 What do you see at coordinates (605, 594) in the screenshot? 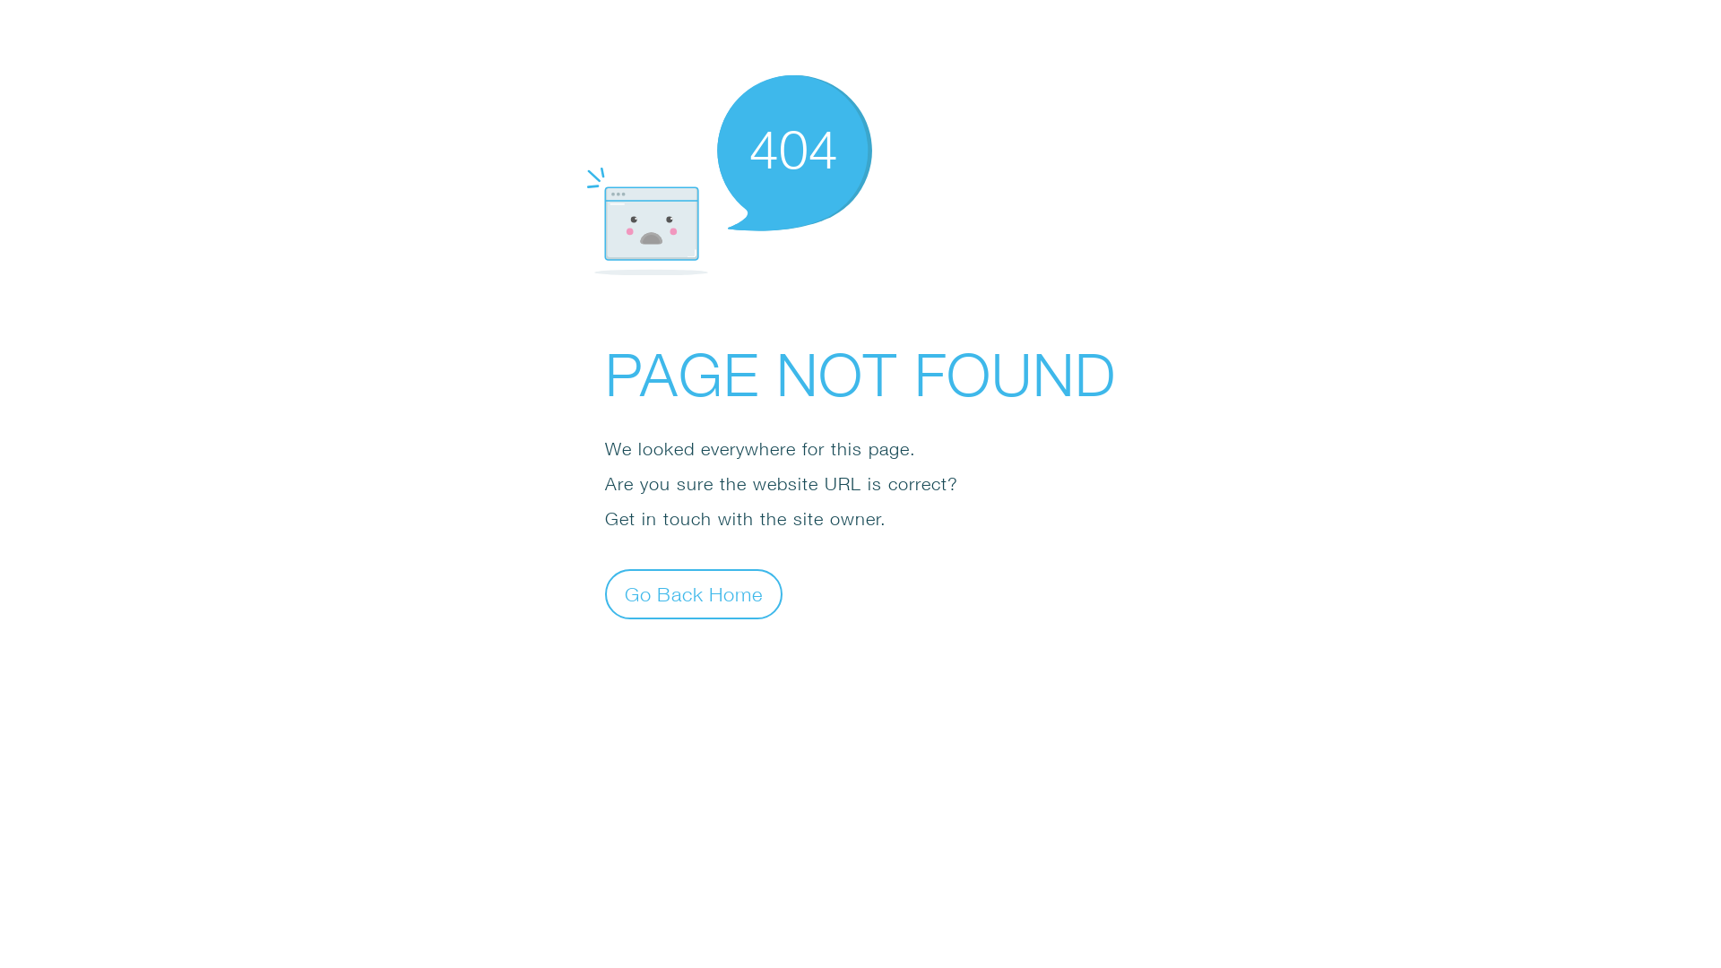
I see `'Go Back Home'` at bounding box center [605, 594].